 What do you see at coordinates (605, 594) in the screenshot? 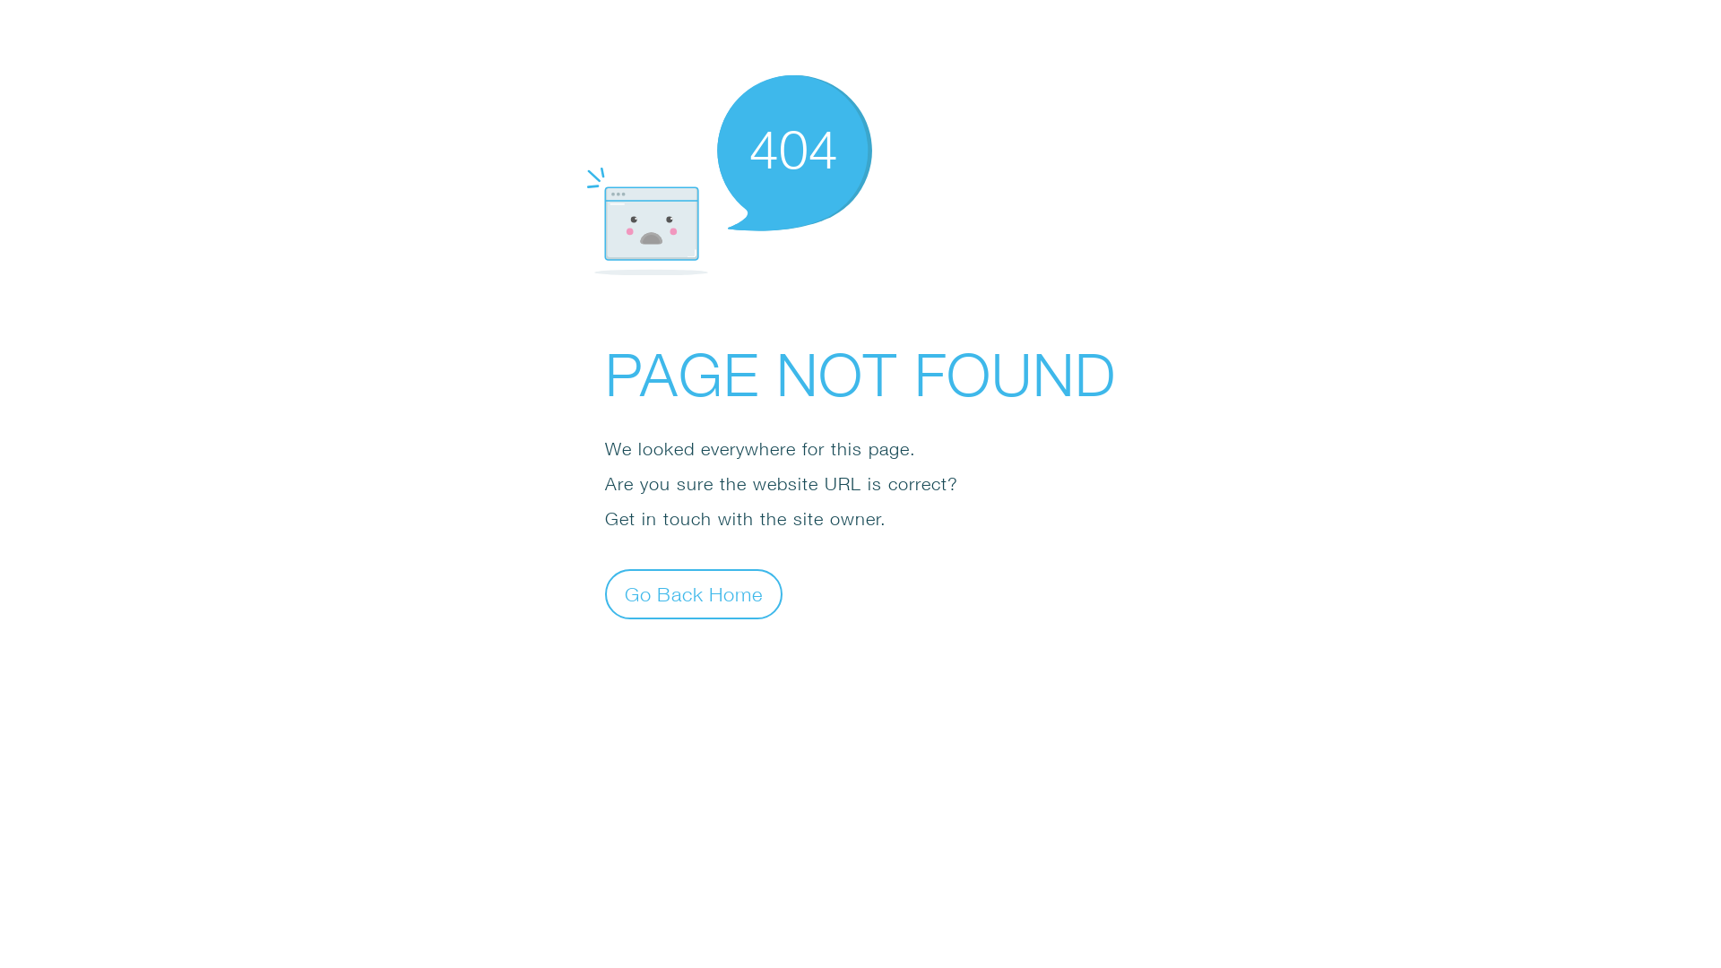
I see `'Go Back Home'` at bounding box center [605, 594].